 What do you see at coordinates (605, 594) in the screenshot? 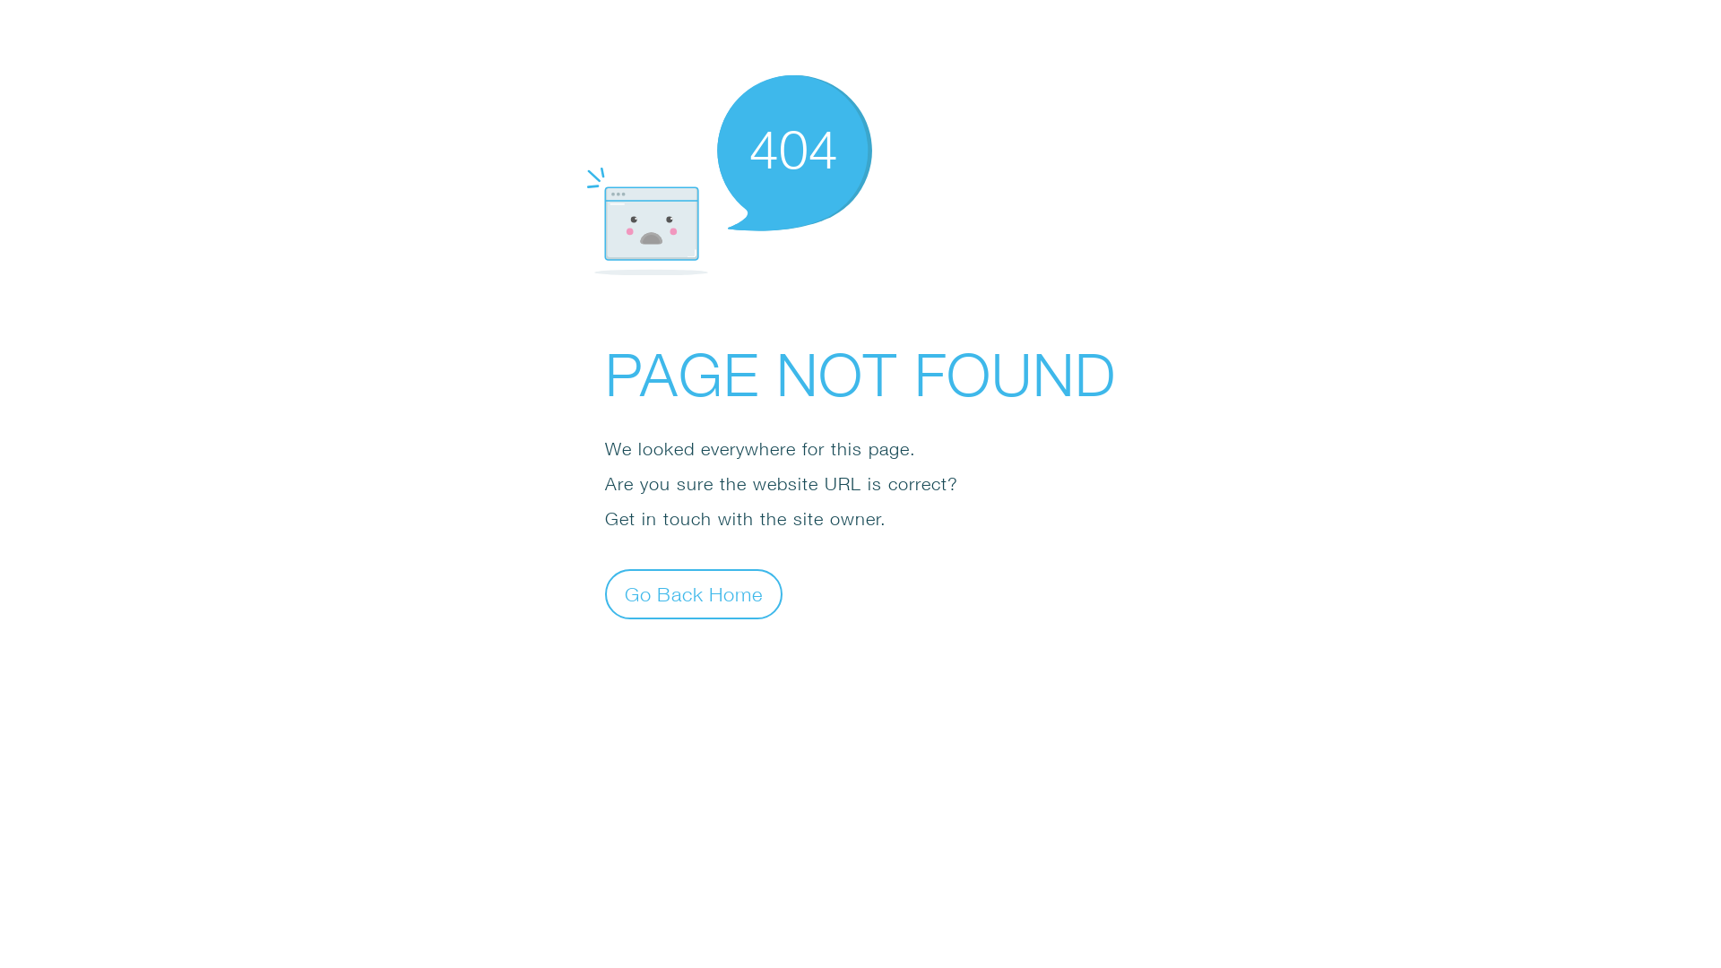
I see `'Go Back Home'` at bounding box center [605, 594].